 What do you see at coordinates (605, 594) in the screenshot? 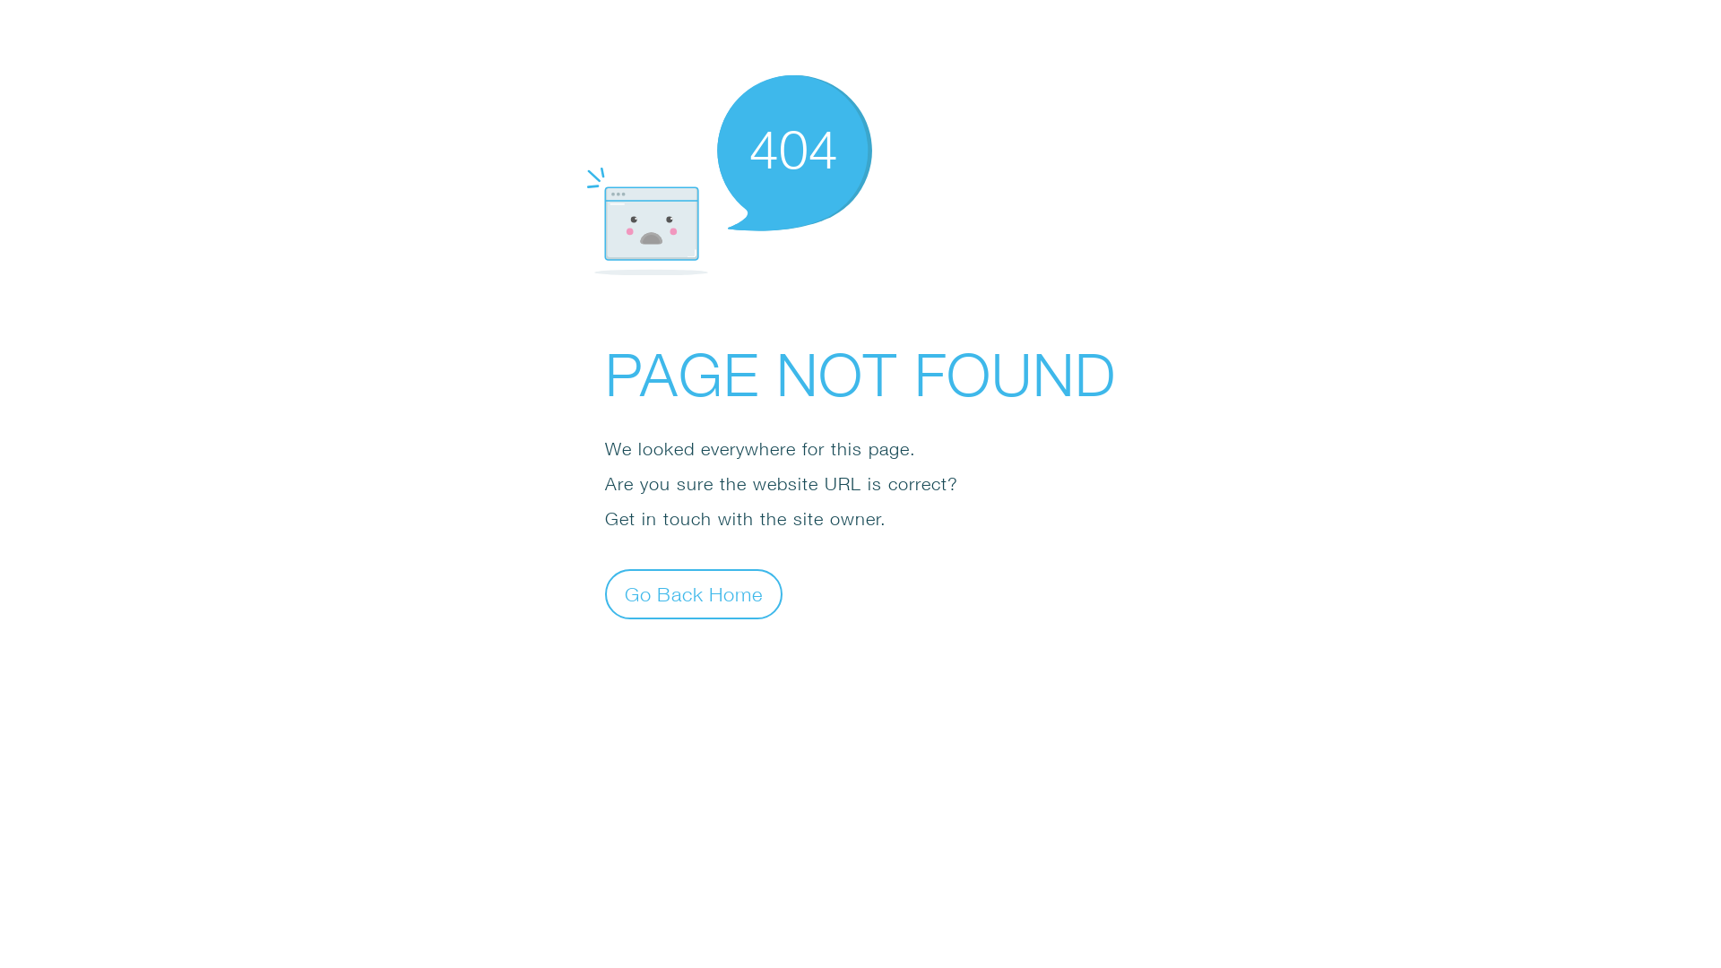
I see `'Go Back Home'` at bounding box center [605, 594].